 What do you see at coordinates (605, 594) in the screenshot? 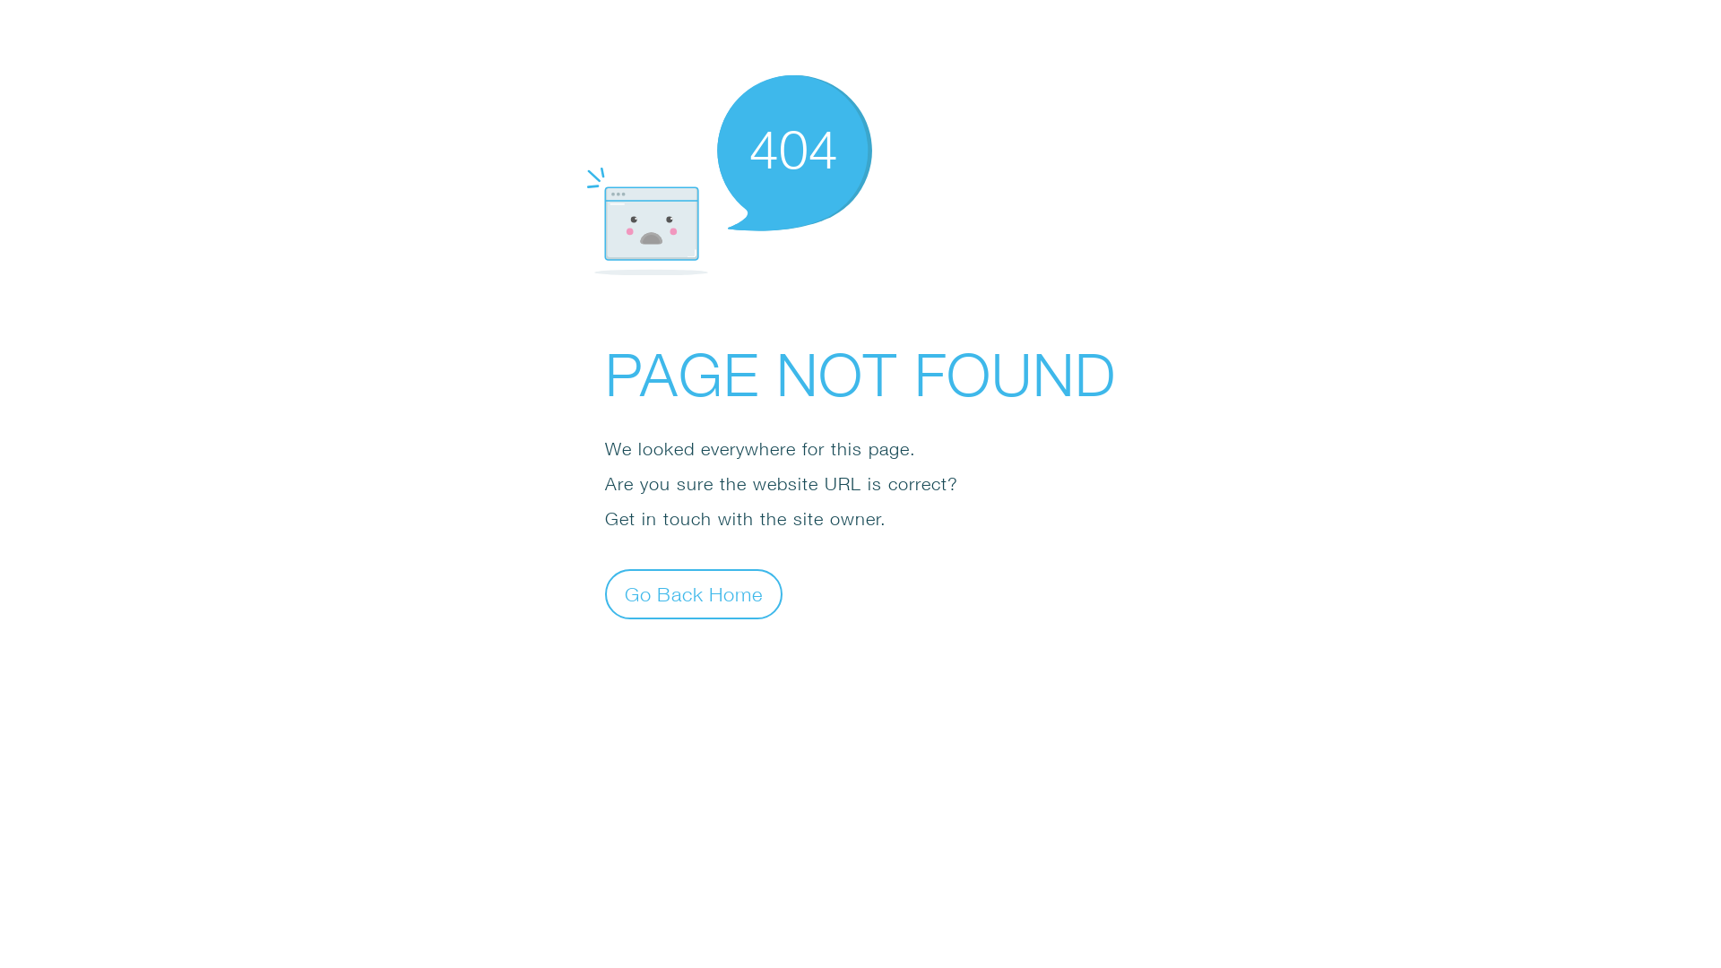
I see `'Go Back Home'` at bounding box center [605, 594].